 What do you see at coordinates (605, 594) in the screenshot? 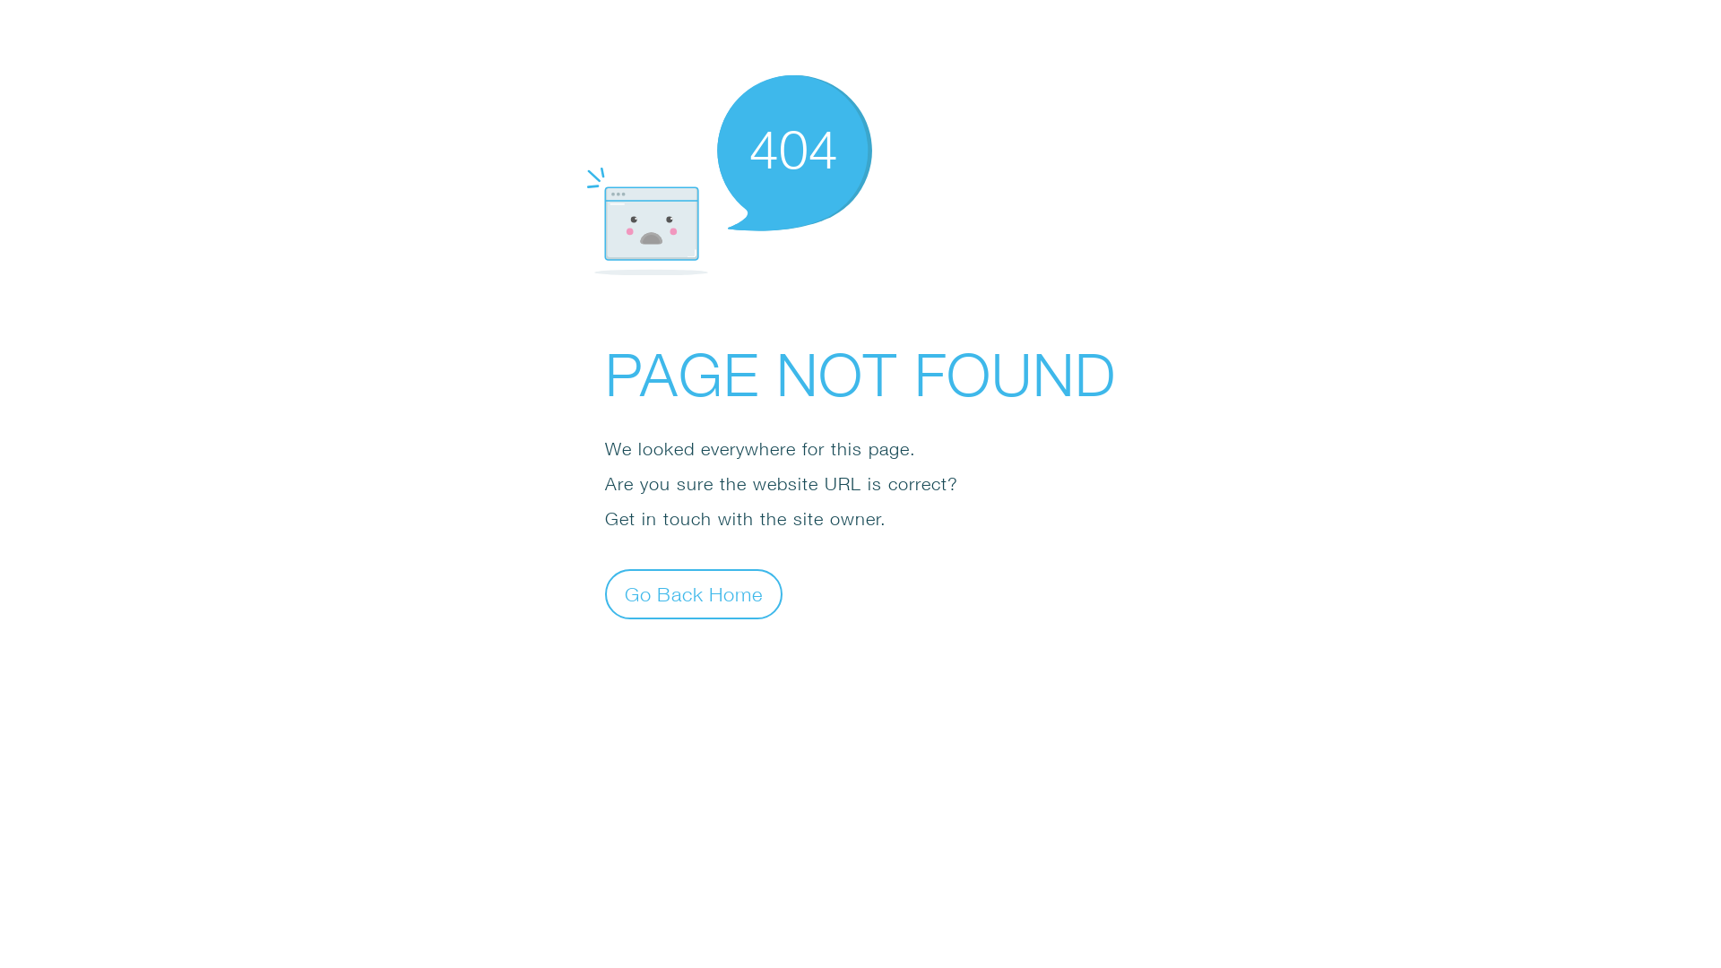
I see `'Go Back Home'` at bounding box center [605, 594].